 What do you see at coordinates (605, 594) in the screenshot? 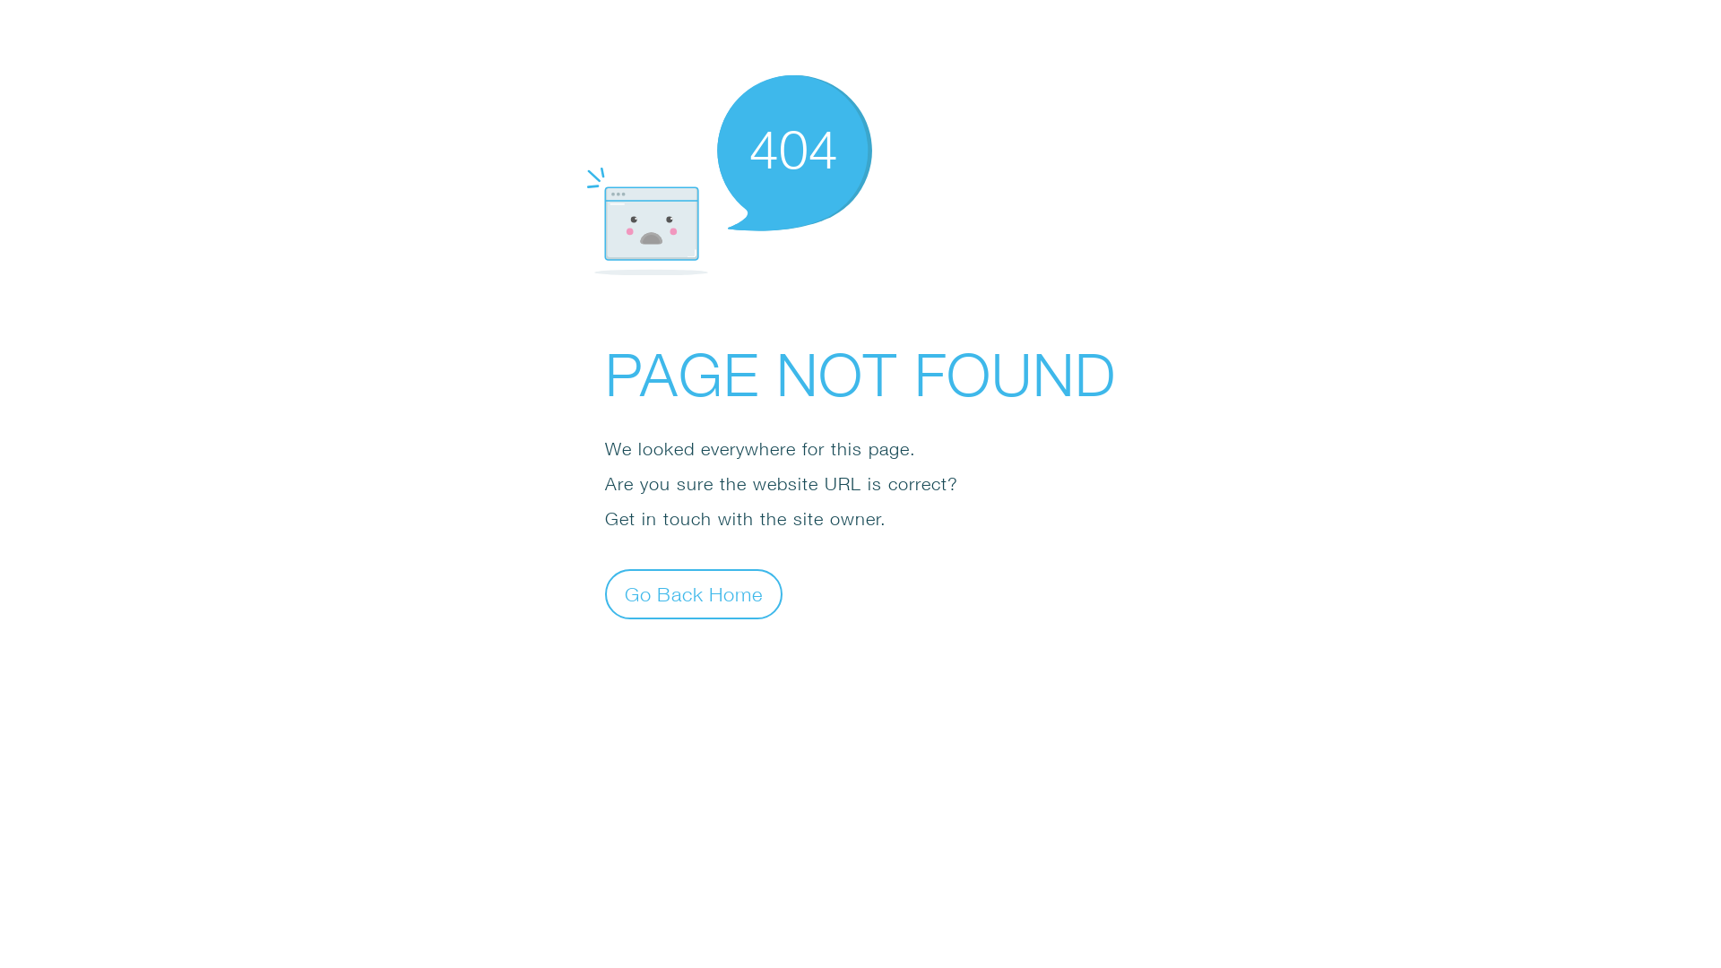
I see `'Go Back Home'` at bounding box center [605, 594].